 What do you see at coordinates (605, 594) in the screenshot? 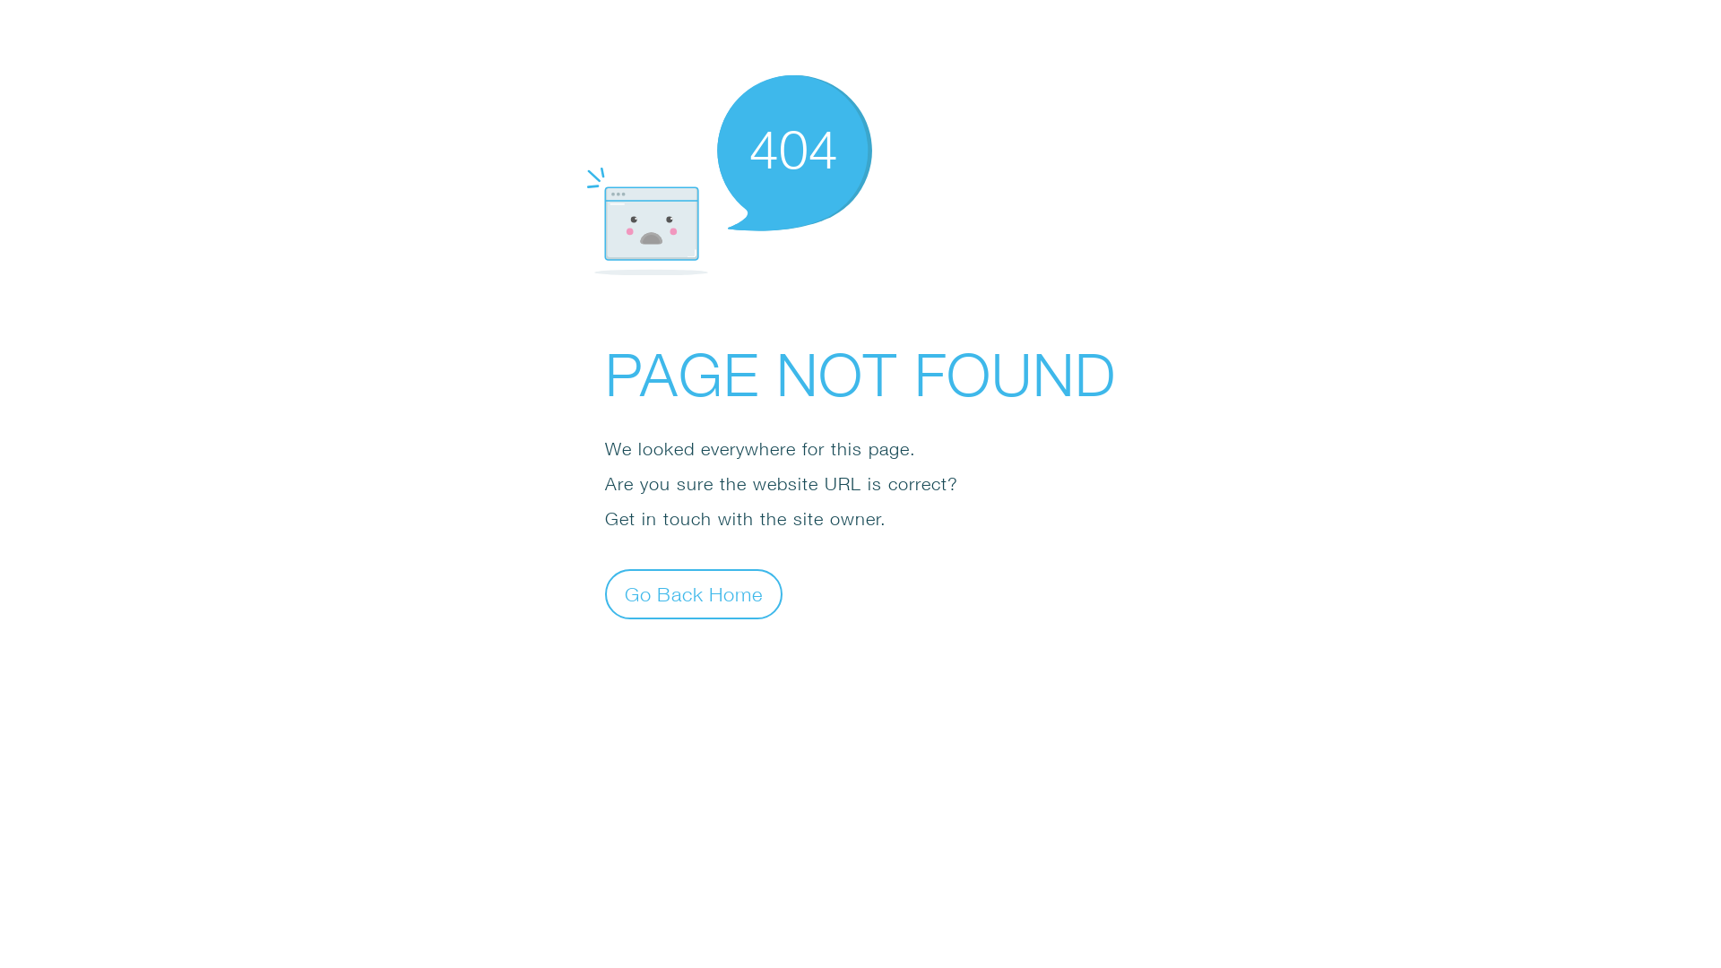
I see `'Go Back Home'` at bounding box center [605, 594].